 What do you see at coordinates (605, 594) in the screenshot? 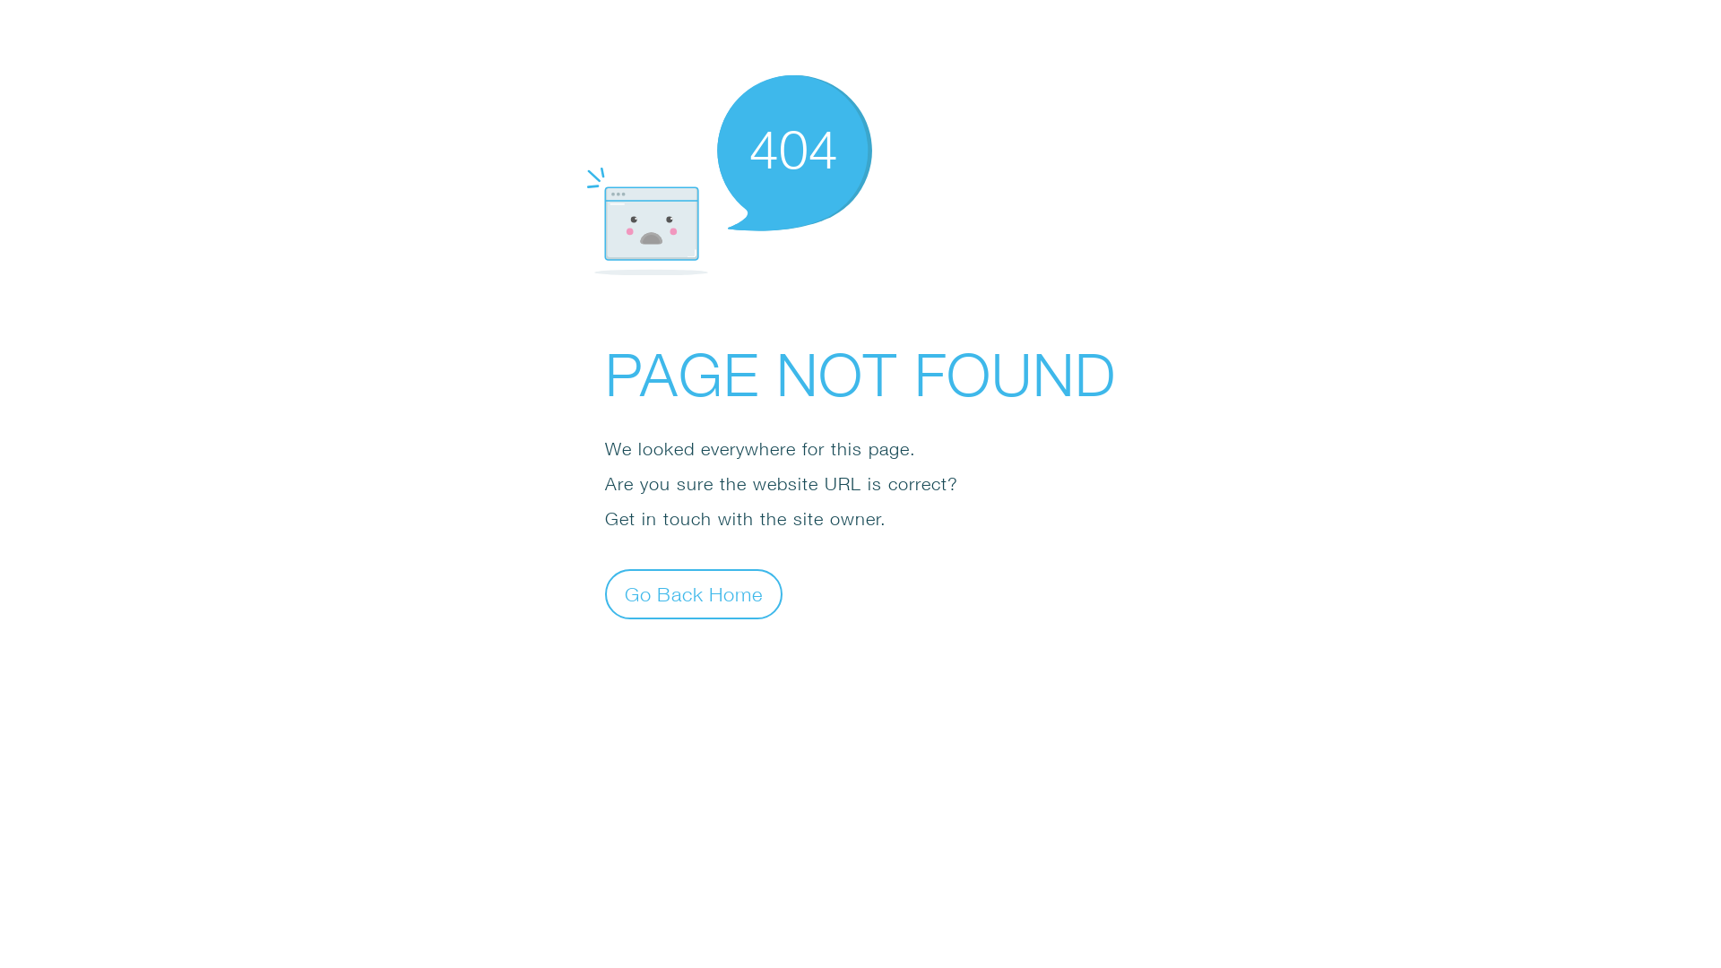
I see `'Go Back Home'` at bounding box center [605, 594].